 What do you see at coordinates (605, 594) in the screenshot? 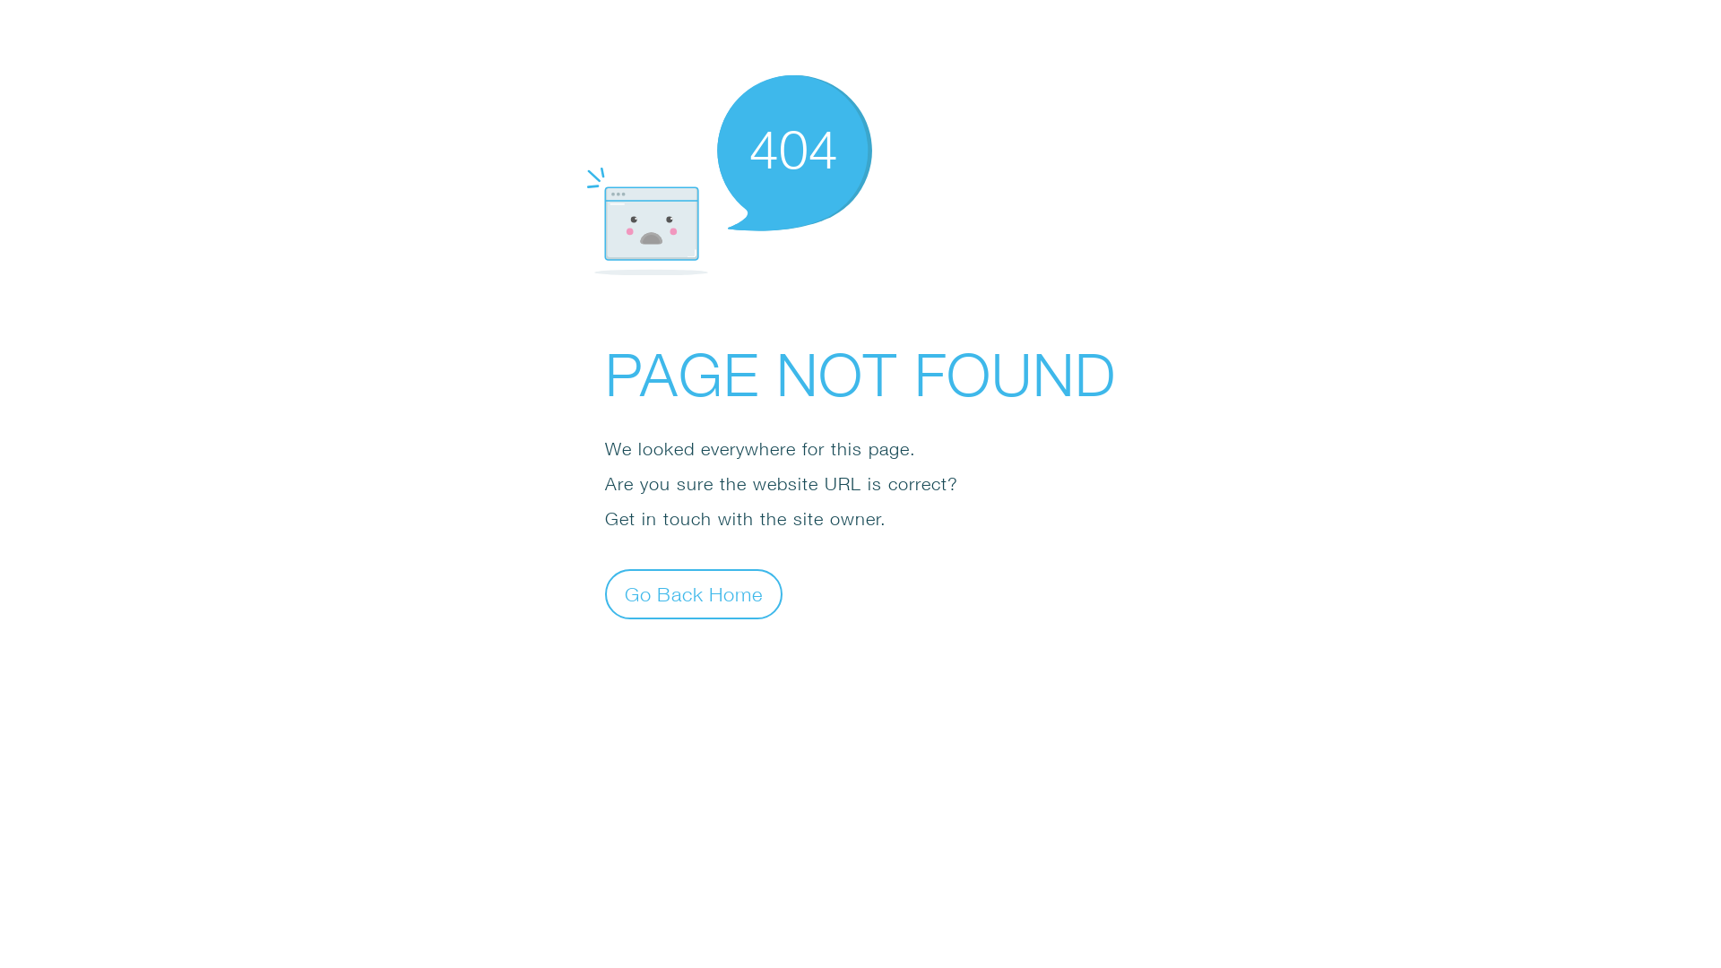
I see `'Go Back Home'` at bounding box center [605, 594].